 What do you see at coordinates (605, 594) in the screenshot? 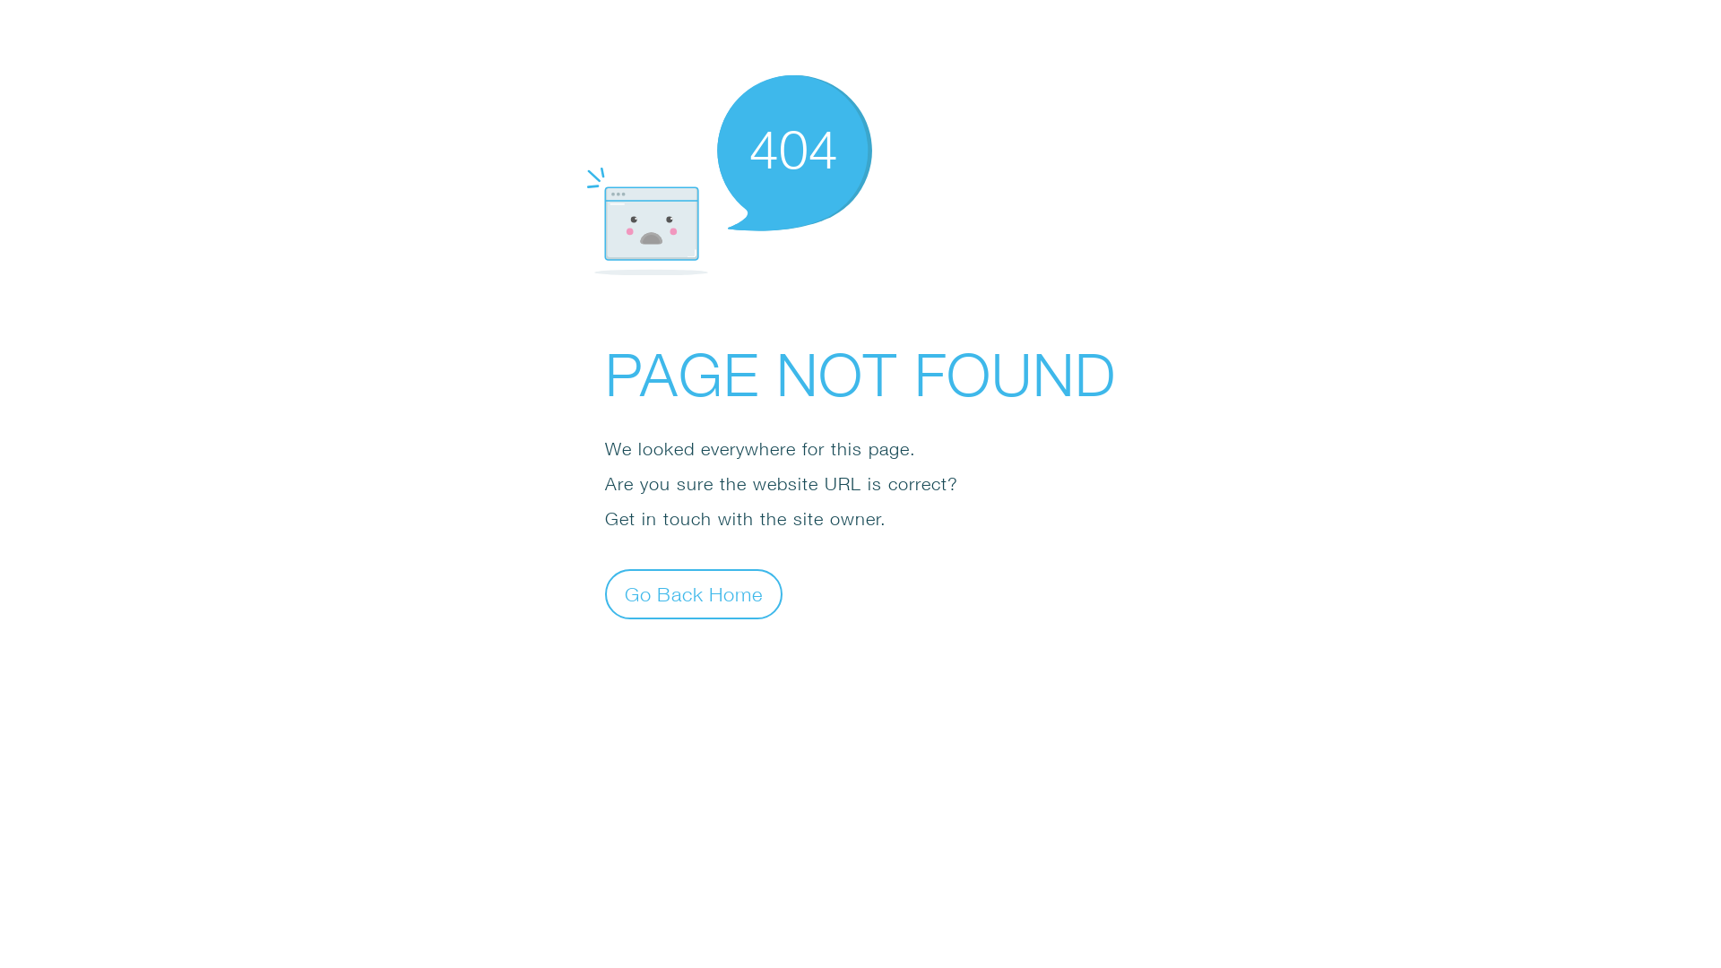
I see `'Go Back Home'` at bounding box center [605, 594].